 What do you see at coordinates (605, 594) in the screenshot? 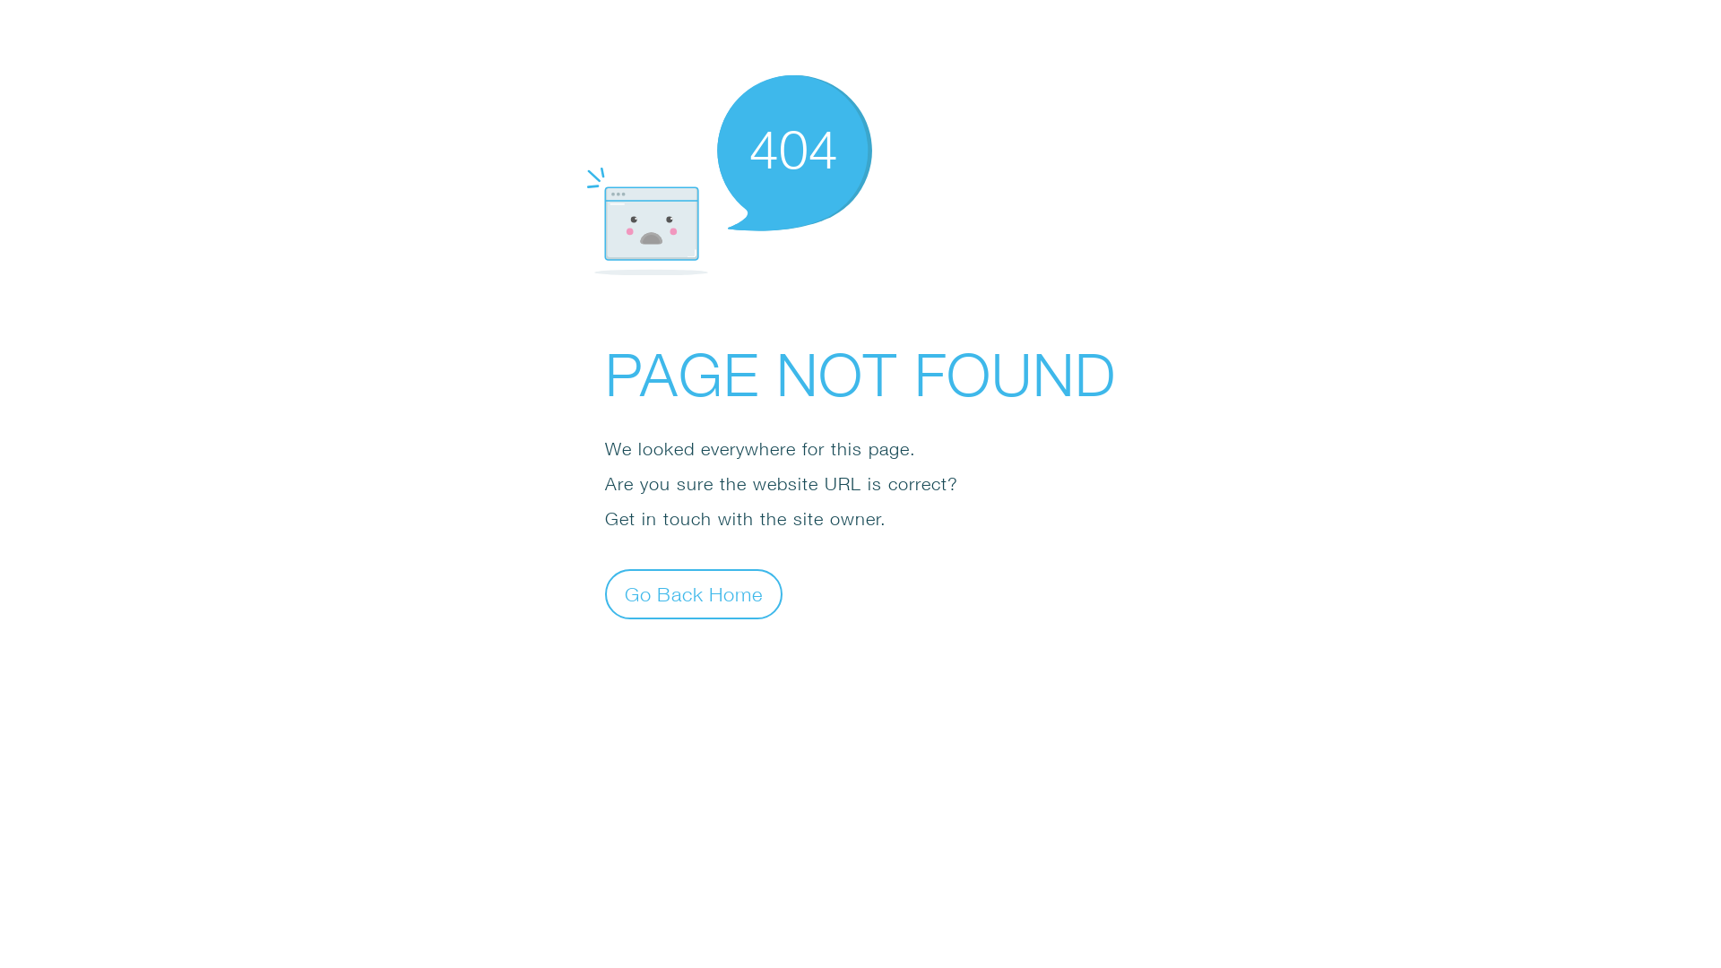
I see `'Go Back Home'` at bounding box center [605, 594].